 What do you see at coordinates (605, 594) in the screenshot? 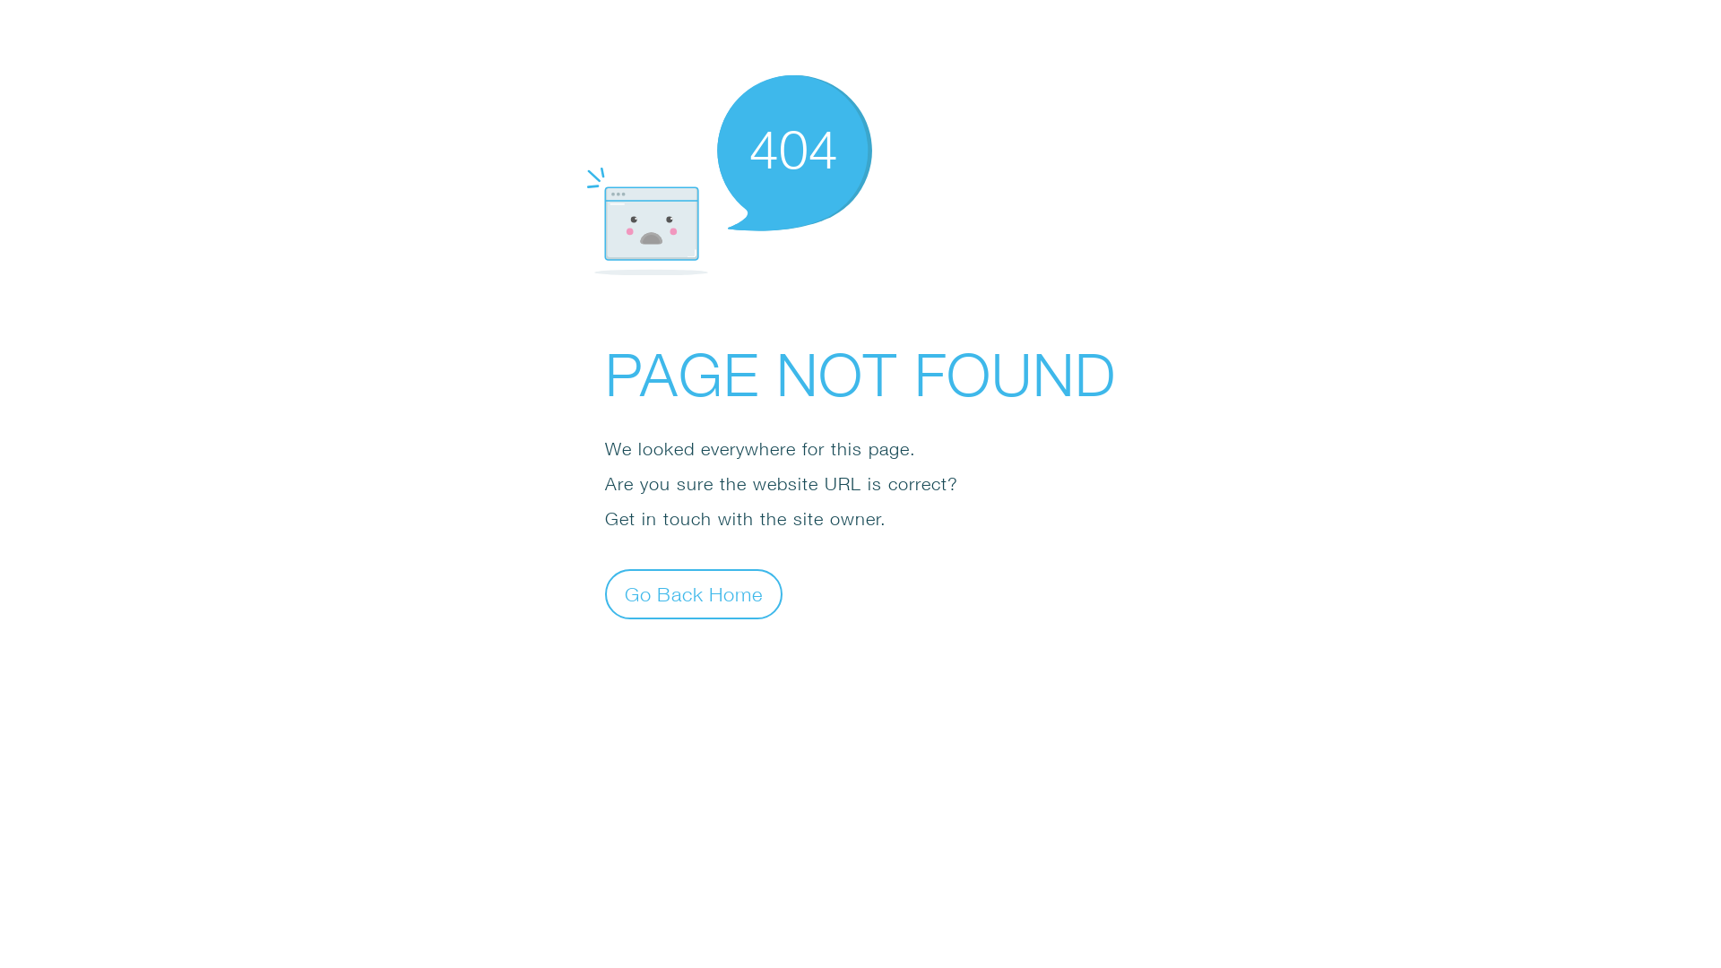
I see `'Go Back Home'` at bounding box center [605, 594].